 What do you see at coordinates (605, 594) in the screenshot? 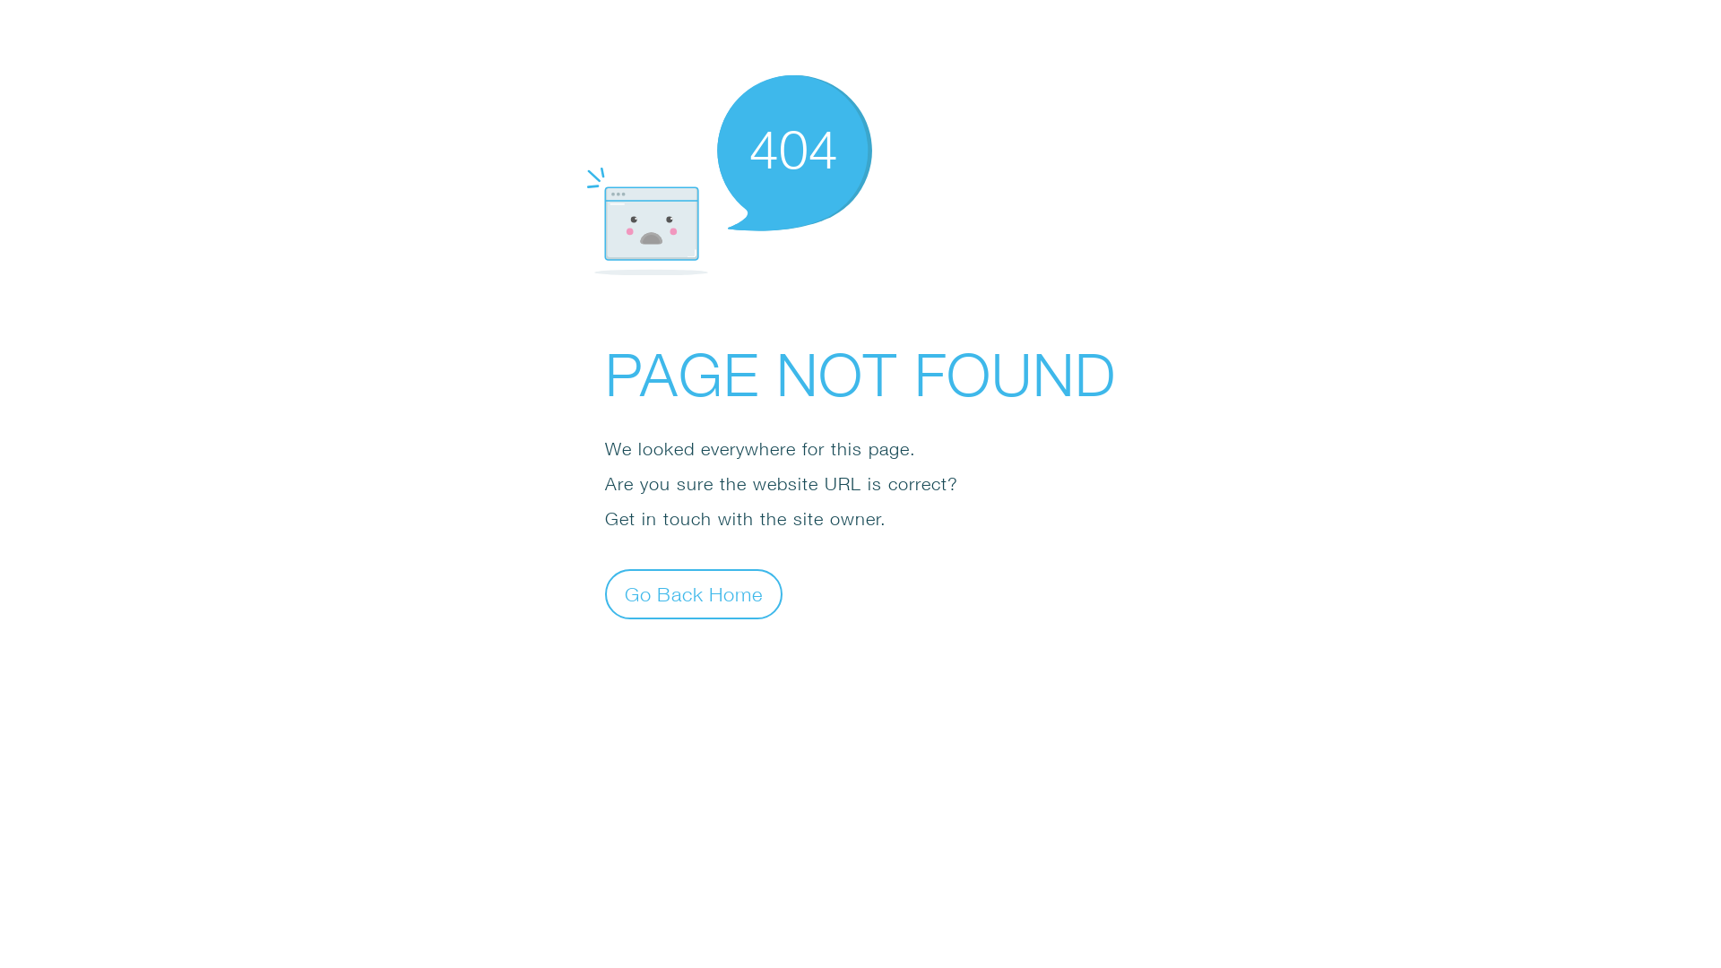
I see `'Go Back Home'` at bounding box center [605, 594].